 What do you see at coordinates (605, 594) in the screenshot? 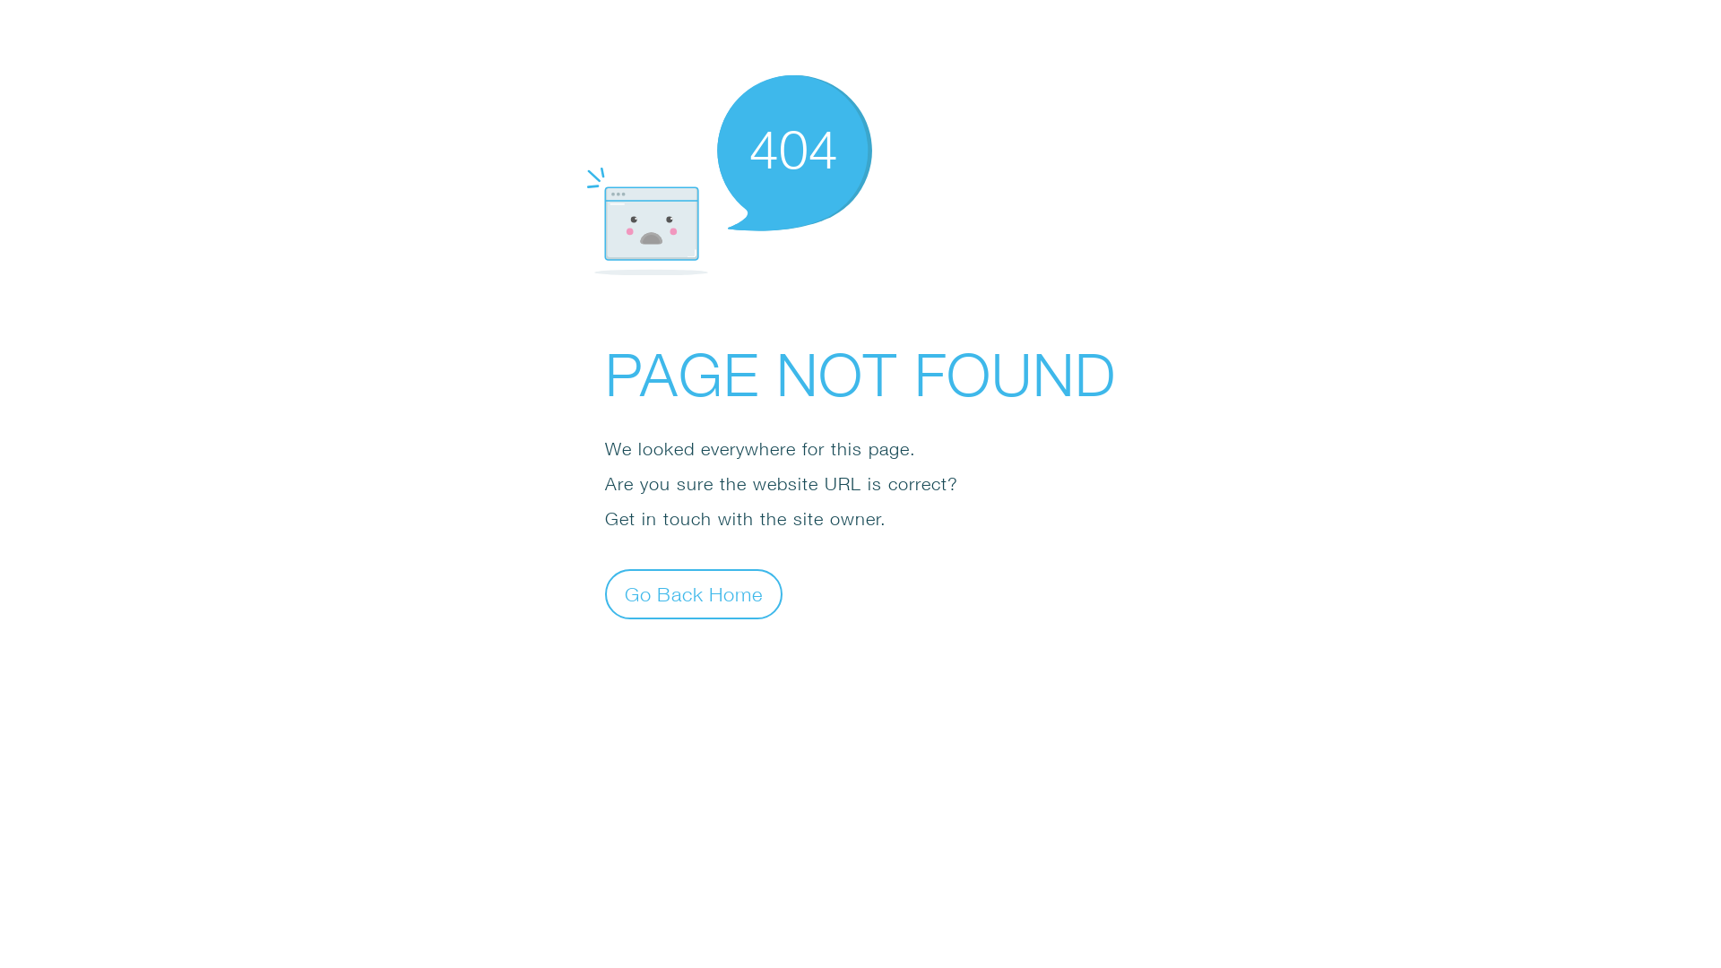
I see `'Go Back Home'` at bounding box center [605, 594].